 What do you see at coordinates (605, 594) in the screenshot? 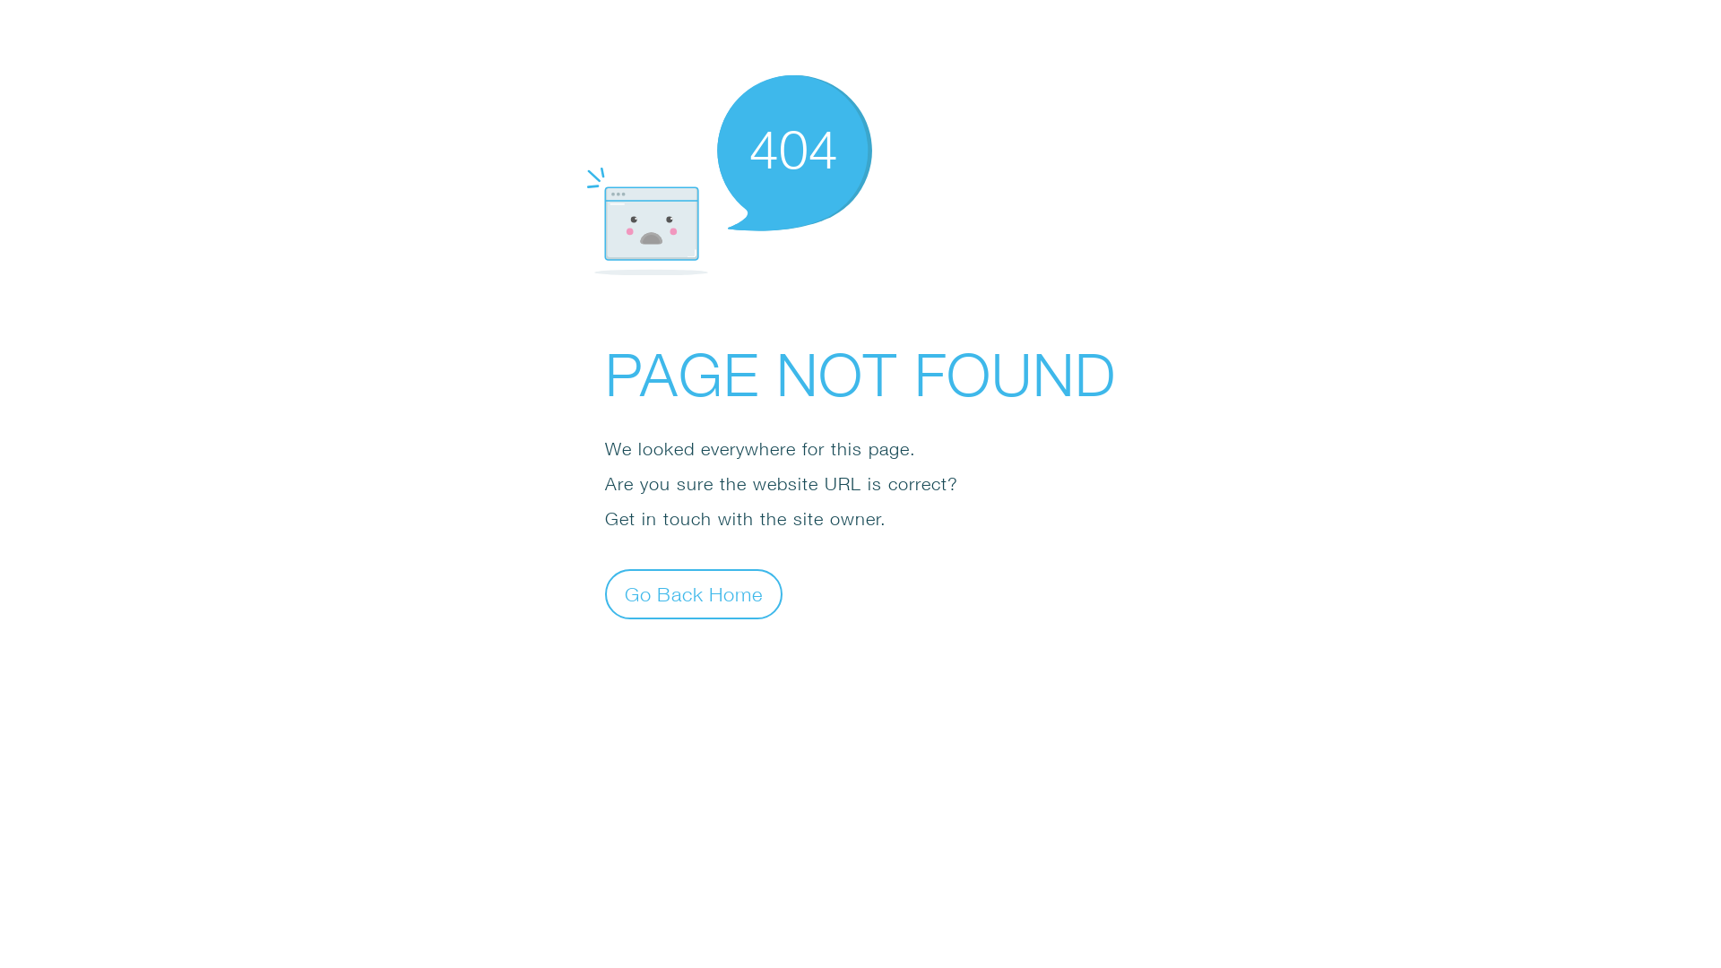
I see `'Go Back Home'` at bounding box center [605, 594].